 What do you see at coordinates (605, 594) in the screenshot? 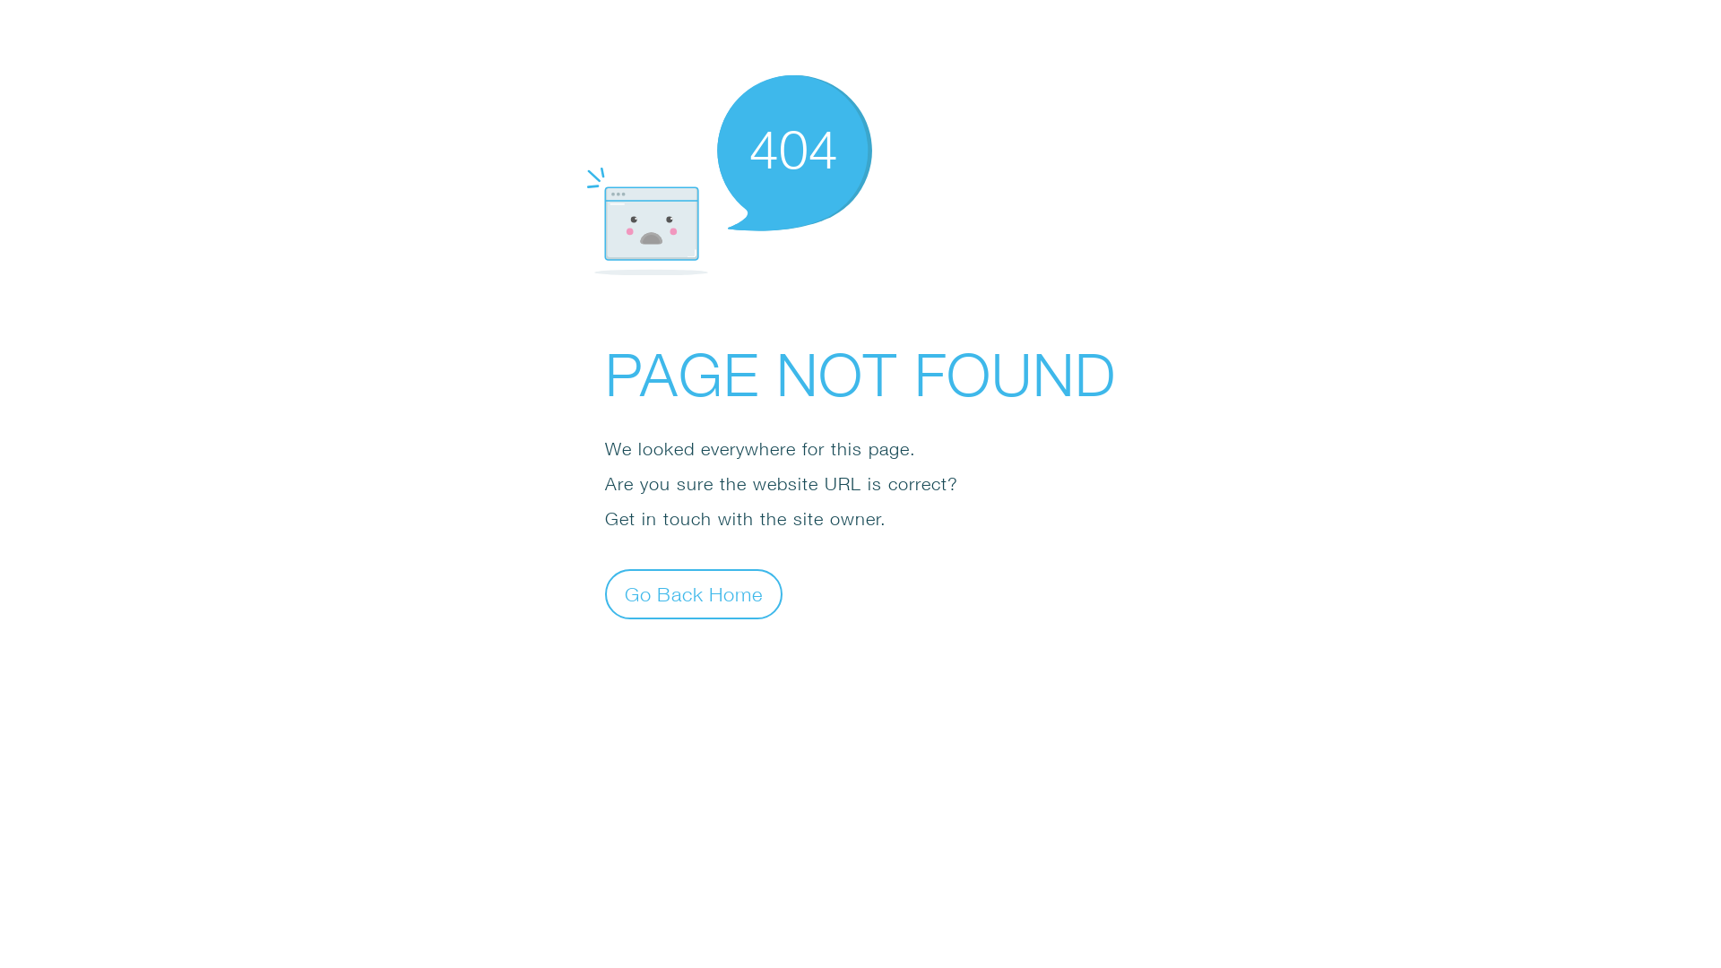
I see `'Go Back Home'` at bounding box center [605, 594].